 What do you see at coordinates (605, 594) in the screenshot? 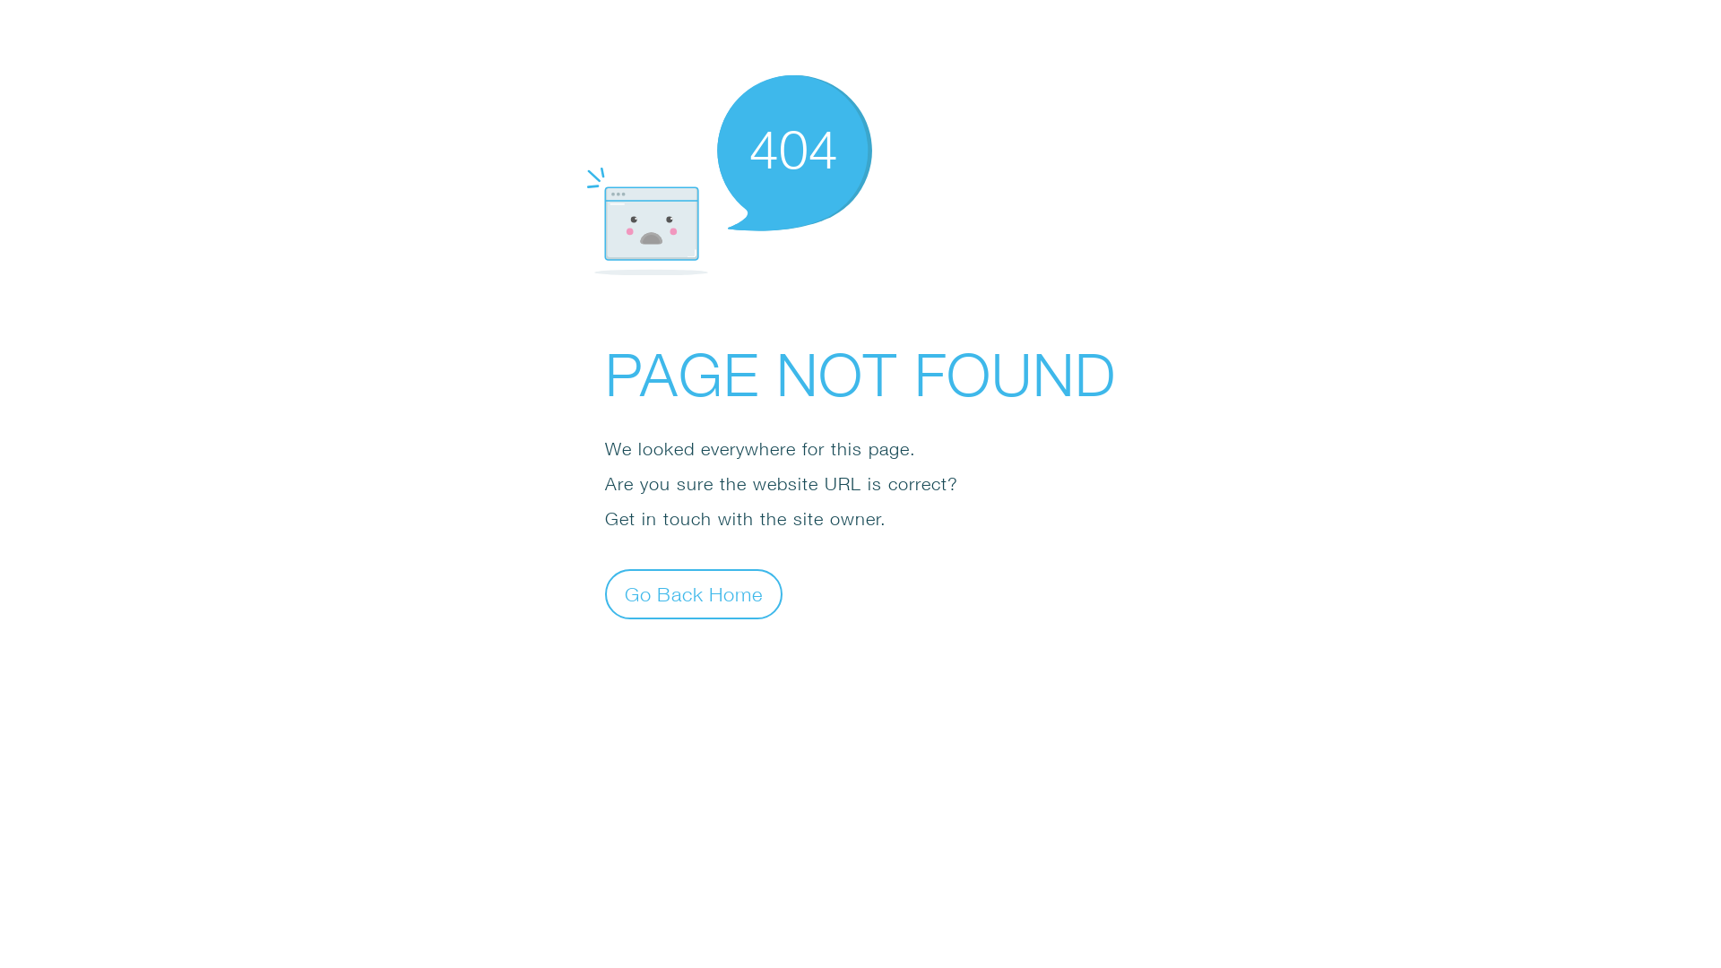
I see `'Go Back Home'` at bounding box center [605, 594].